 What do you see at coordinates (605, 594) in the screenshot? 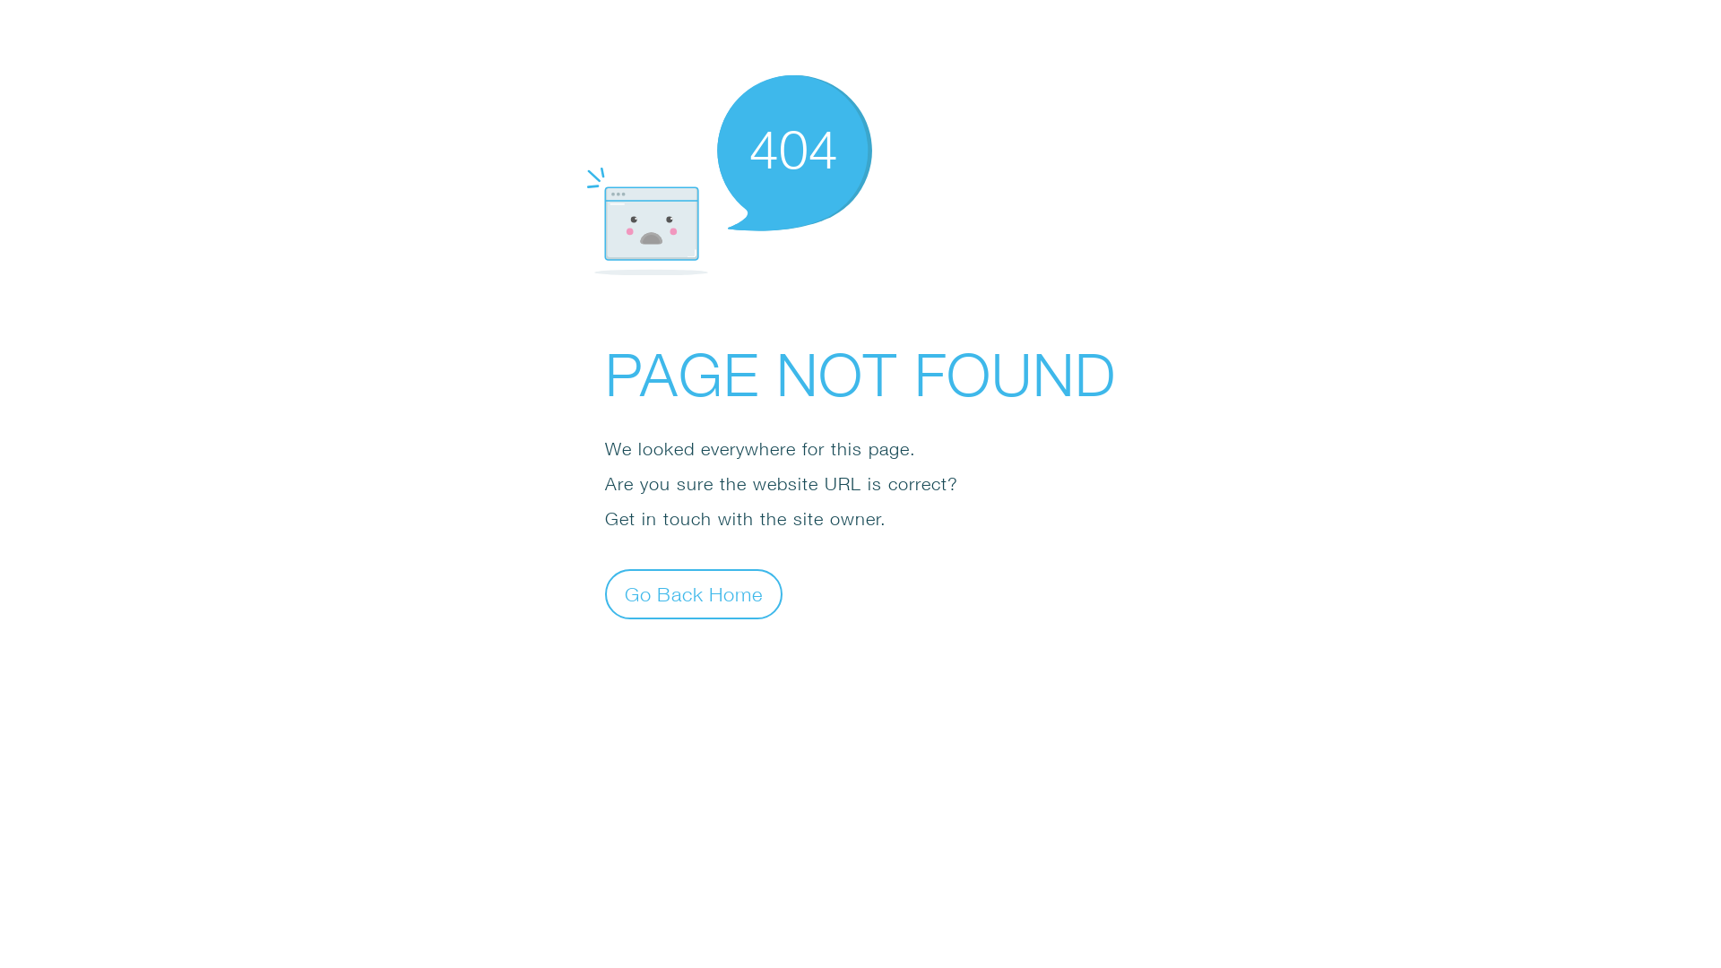
I see `'Go Back Home'` at bounding box center [605, 594].